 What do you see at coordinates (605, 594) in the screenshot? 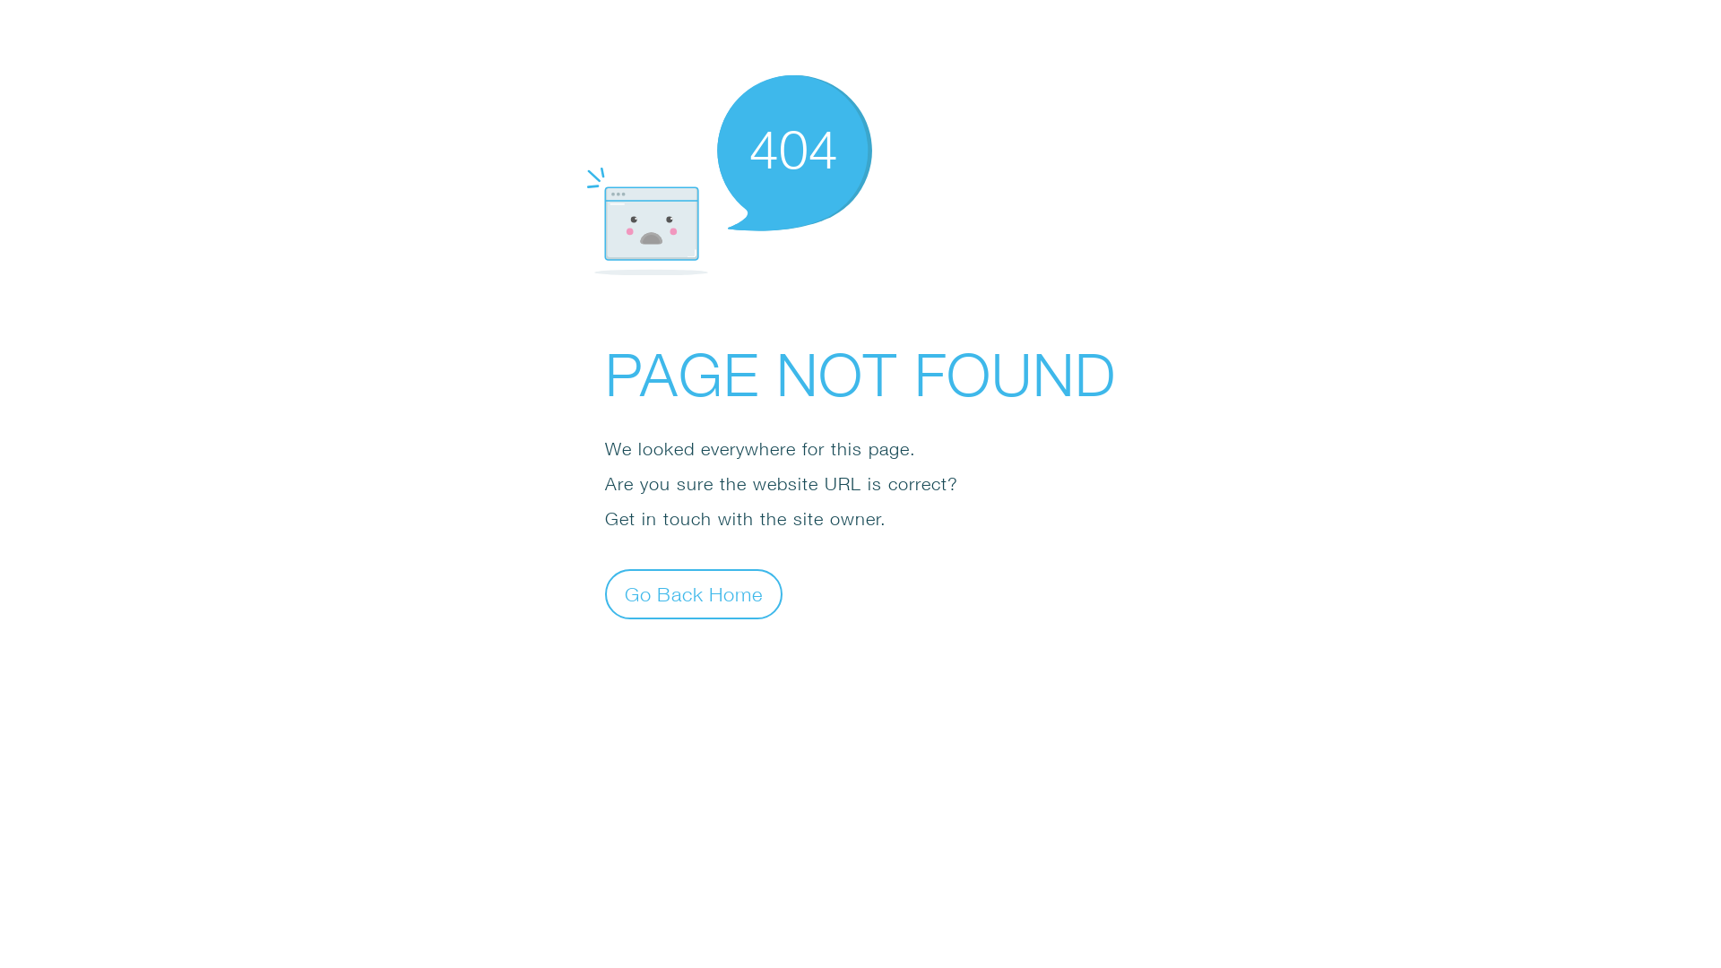
I see `'Go Back Home'` at bounding box center [605, 594].